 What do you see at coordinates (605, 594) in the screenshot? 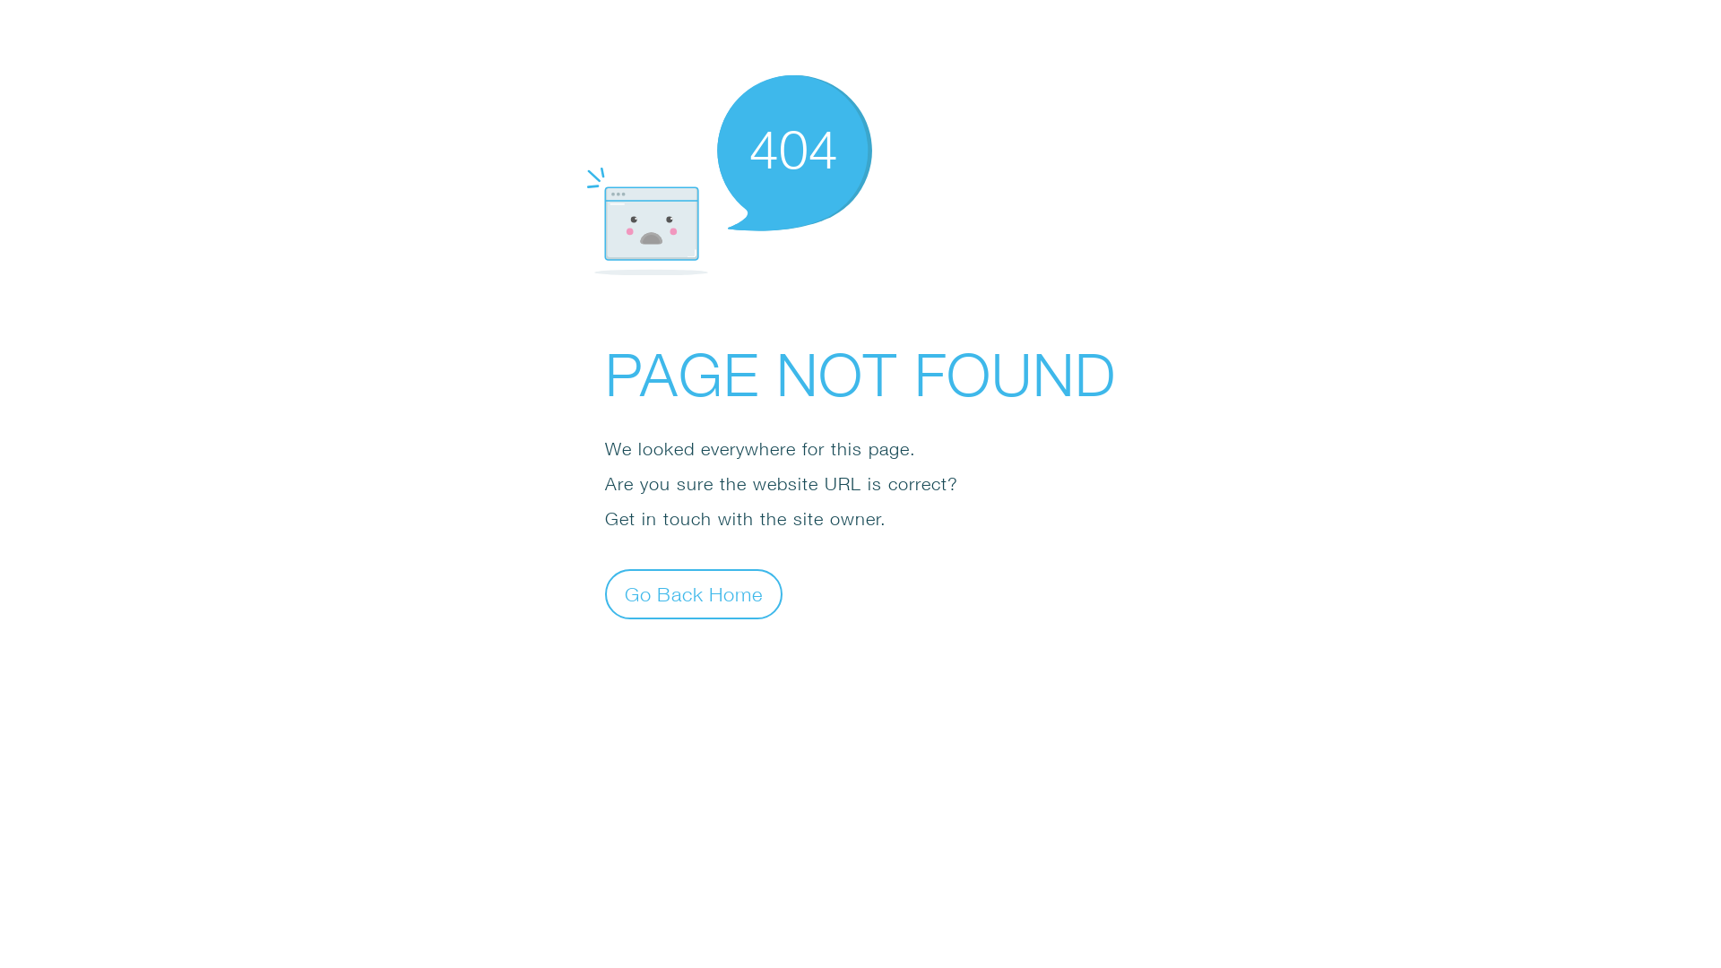
I see `'Go Back Home'` at bounding box center [605, 594].